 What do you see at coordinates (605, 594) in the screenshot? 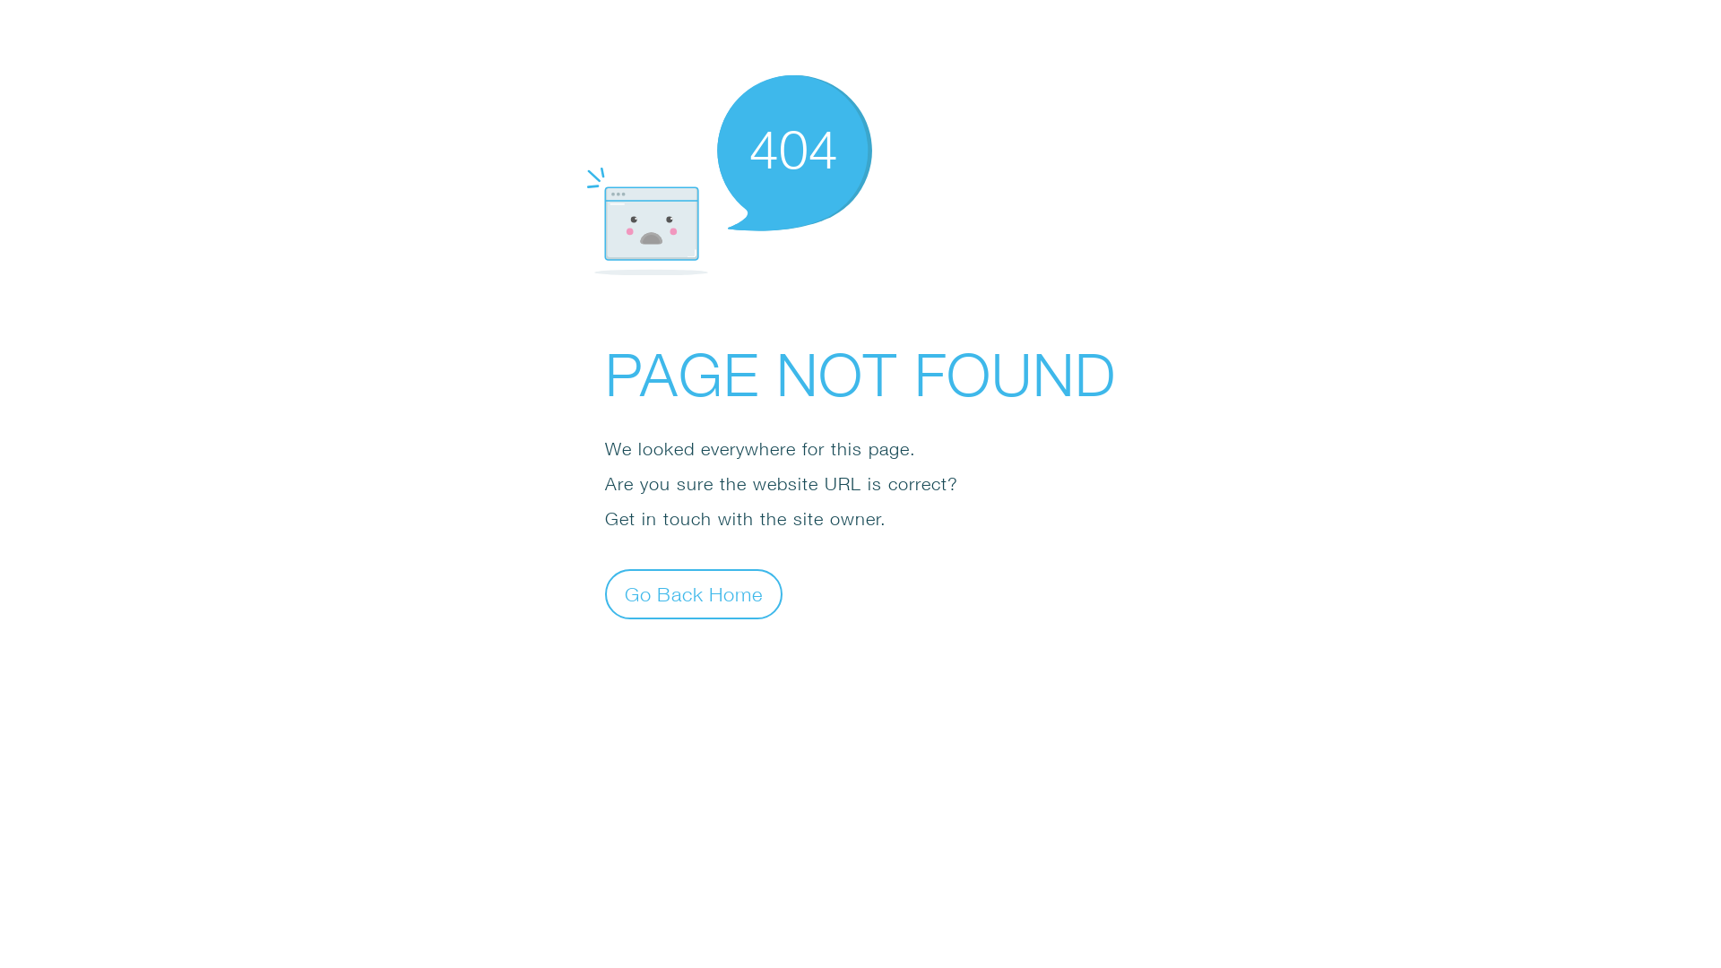
I see `'Go Back Home'` at bounding box center [605, 594].